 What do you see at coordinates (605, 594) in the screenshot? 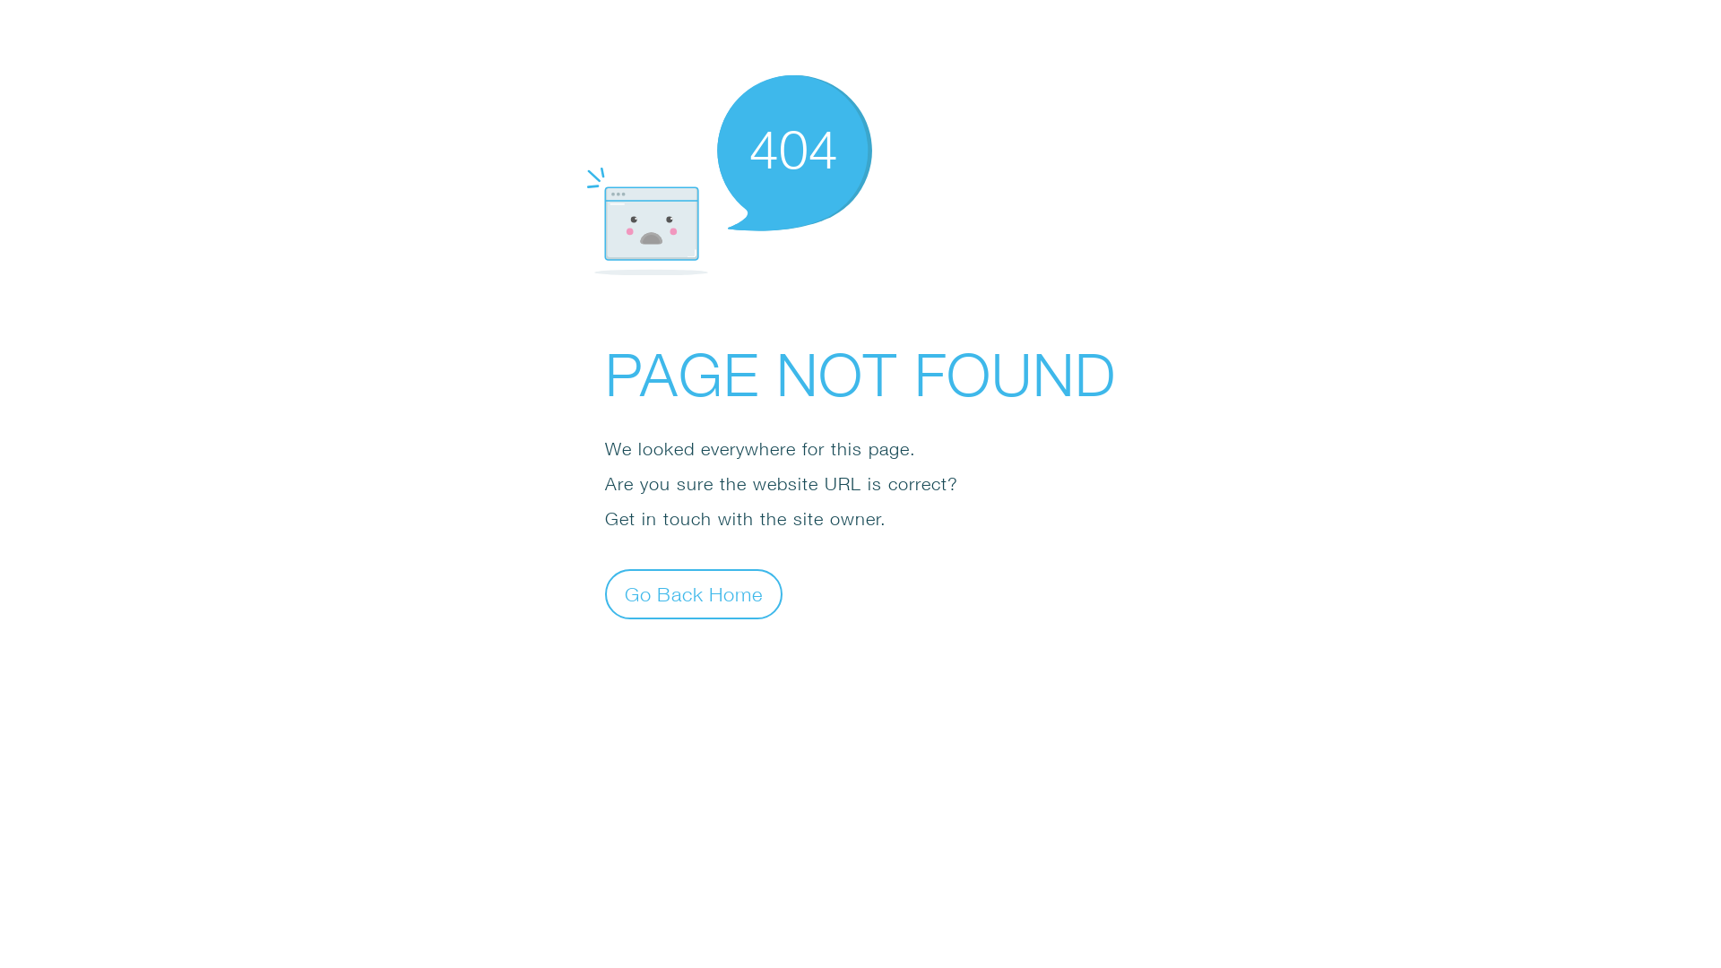
I see `'Go Back Home'` at bounding box center [605, 594].